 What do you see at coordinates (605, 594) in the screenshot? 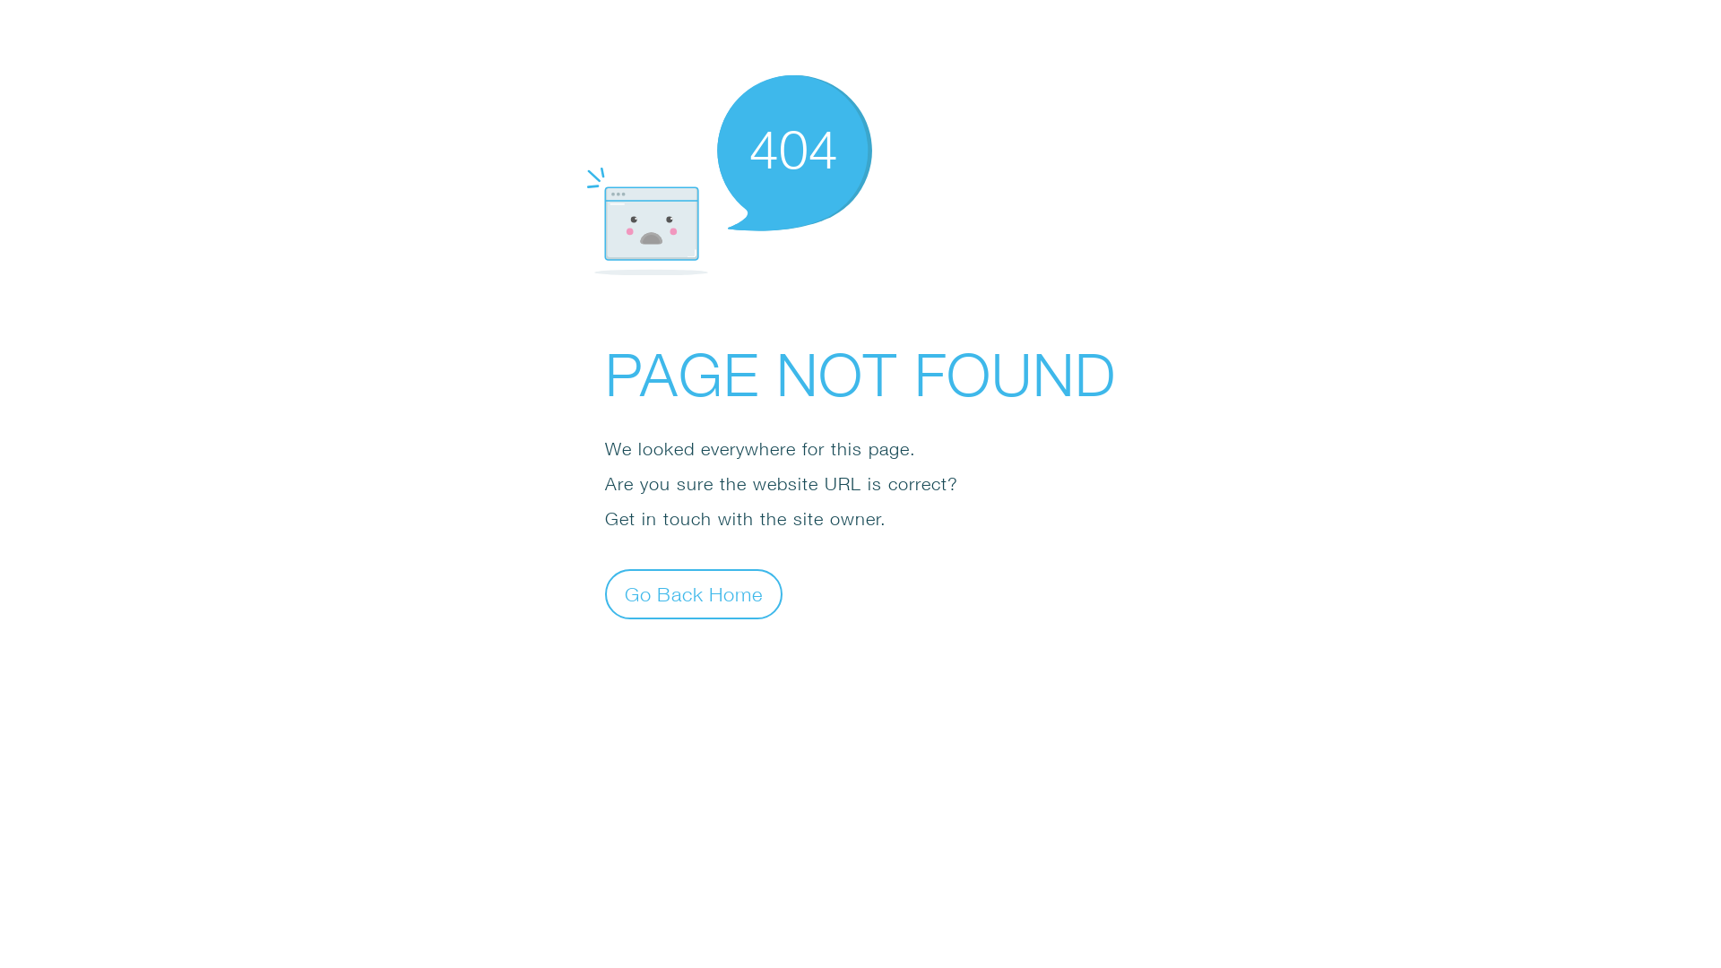
I see `'Go Back Home'` at bounding box center [605, 594].